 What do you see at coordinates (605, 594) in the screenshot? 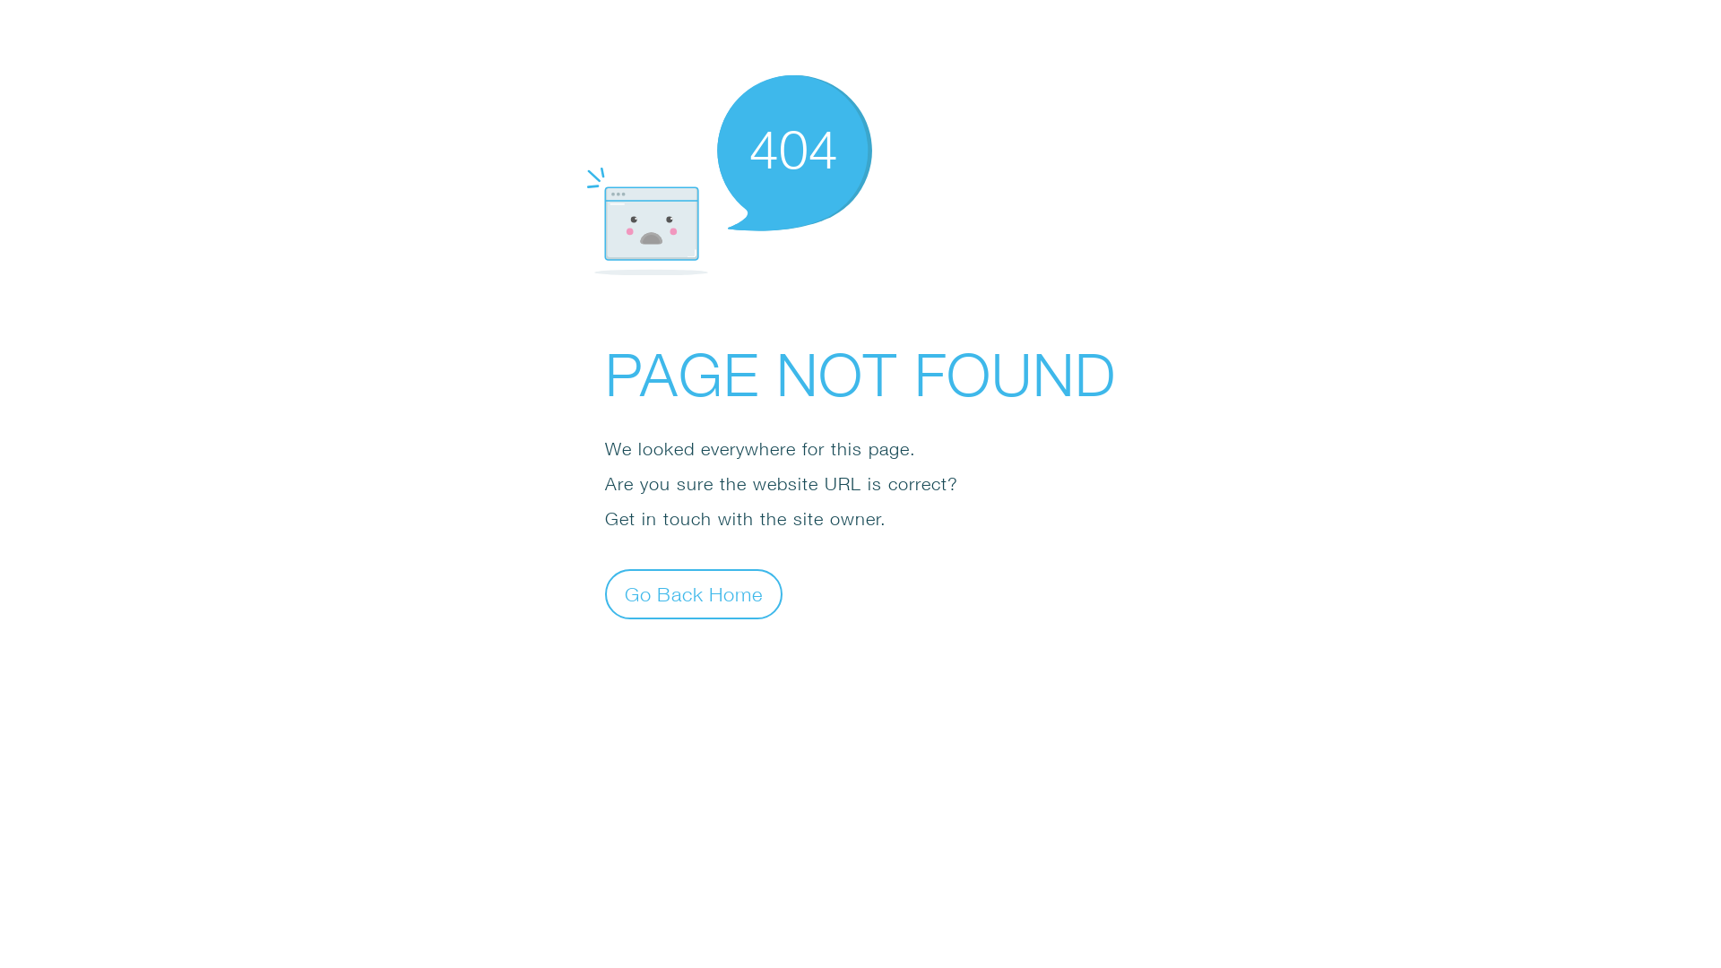
I see `'Go Back Home'` at bounding box center [605, 594].